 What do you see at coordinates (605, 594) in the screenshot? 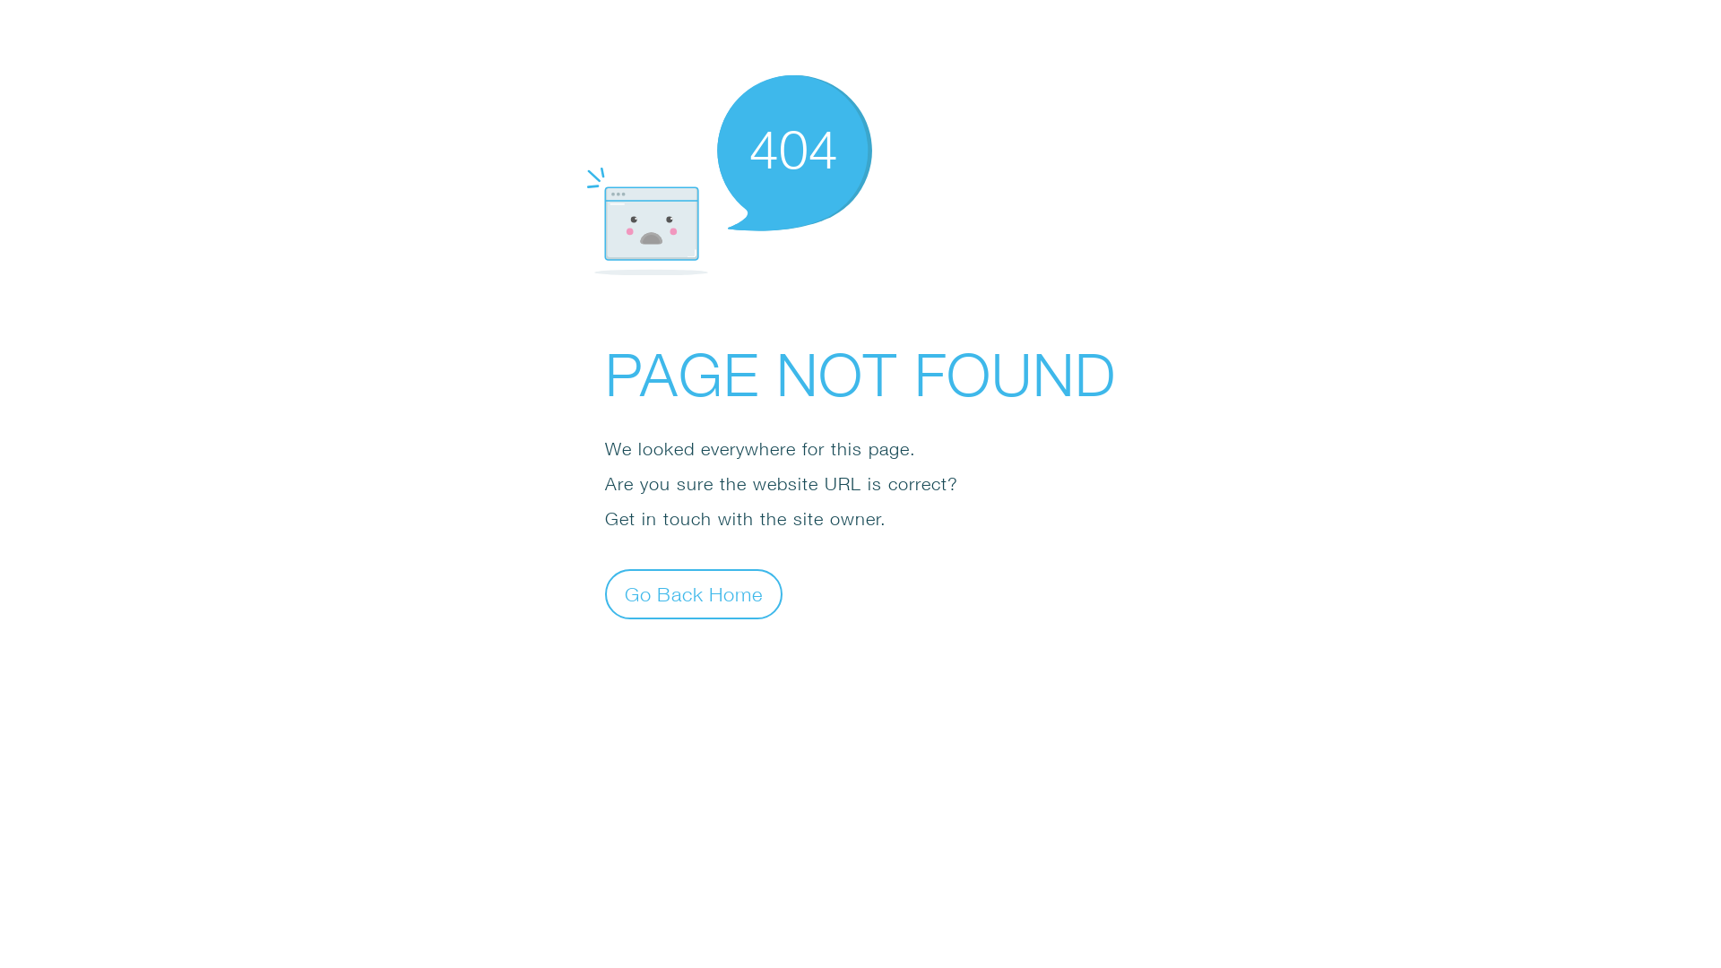
I see `'Go Back Home'` at bounding box center [605, 594].